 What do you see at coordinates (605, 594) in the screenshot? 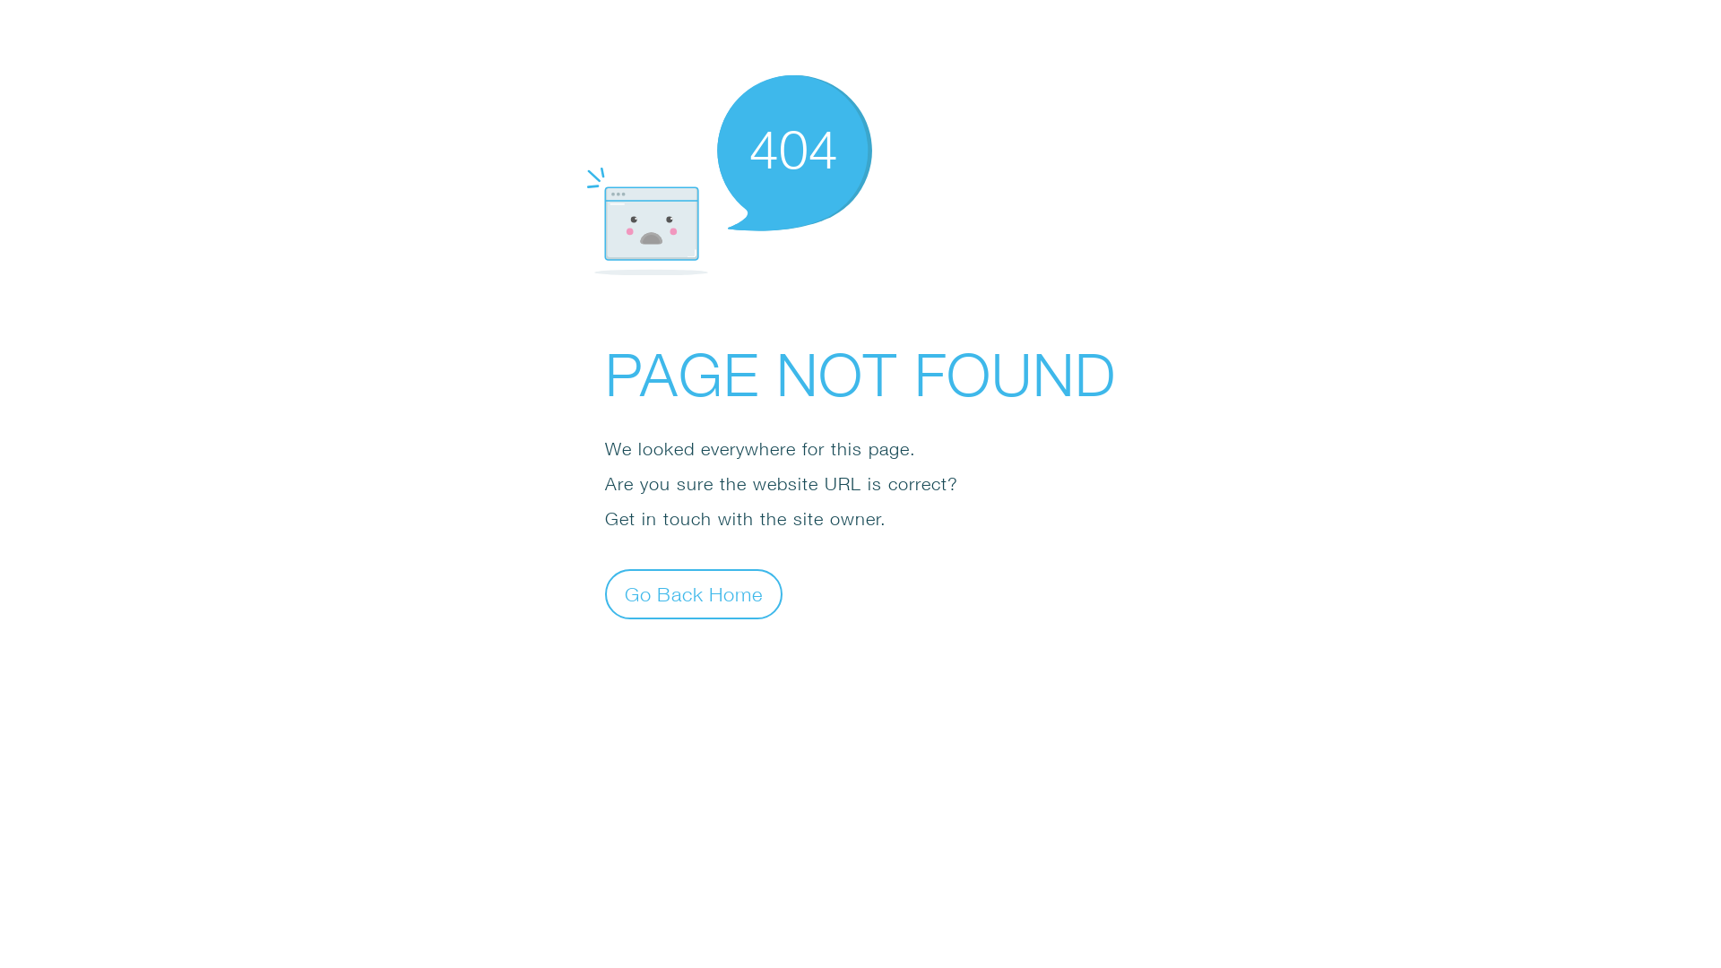
I see `'Go Back Home'` at bounding box center [605, 594].